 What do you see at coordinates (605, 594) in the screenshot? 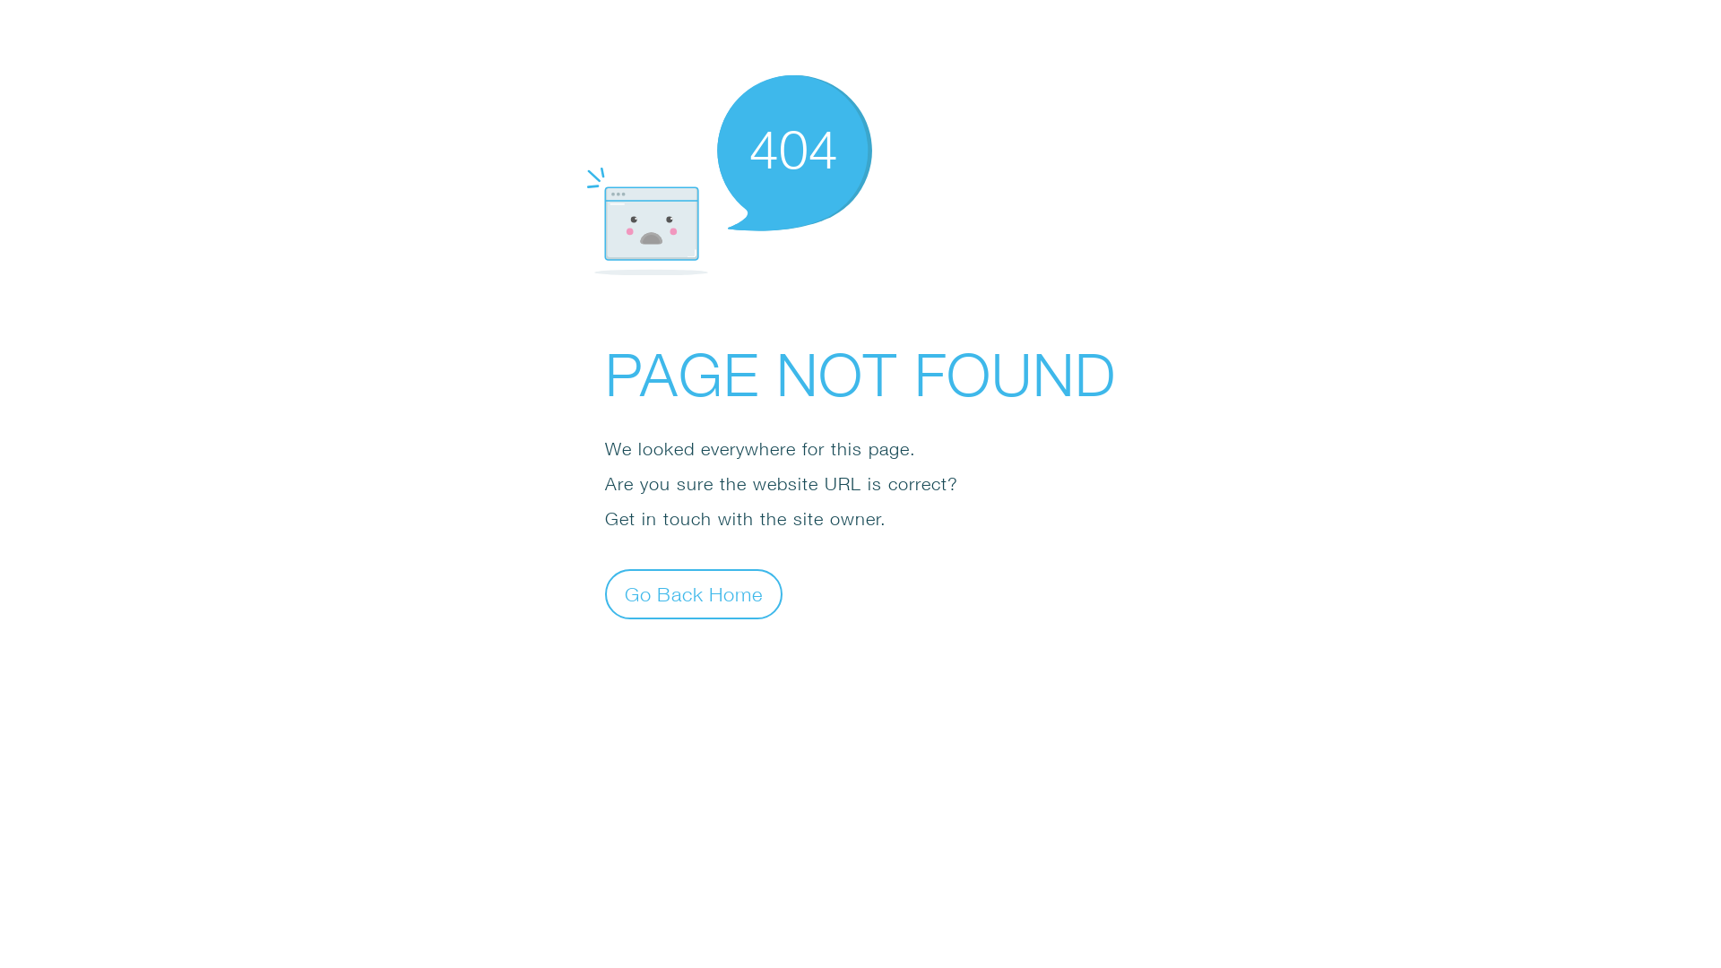
I see `'Go Back Home'` at bounding box center [605, 594].